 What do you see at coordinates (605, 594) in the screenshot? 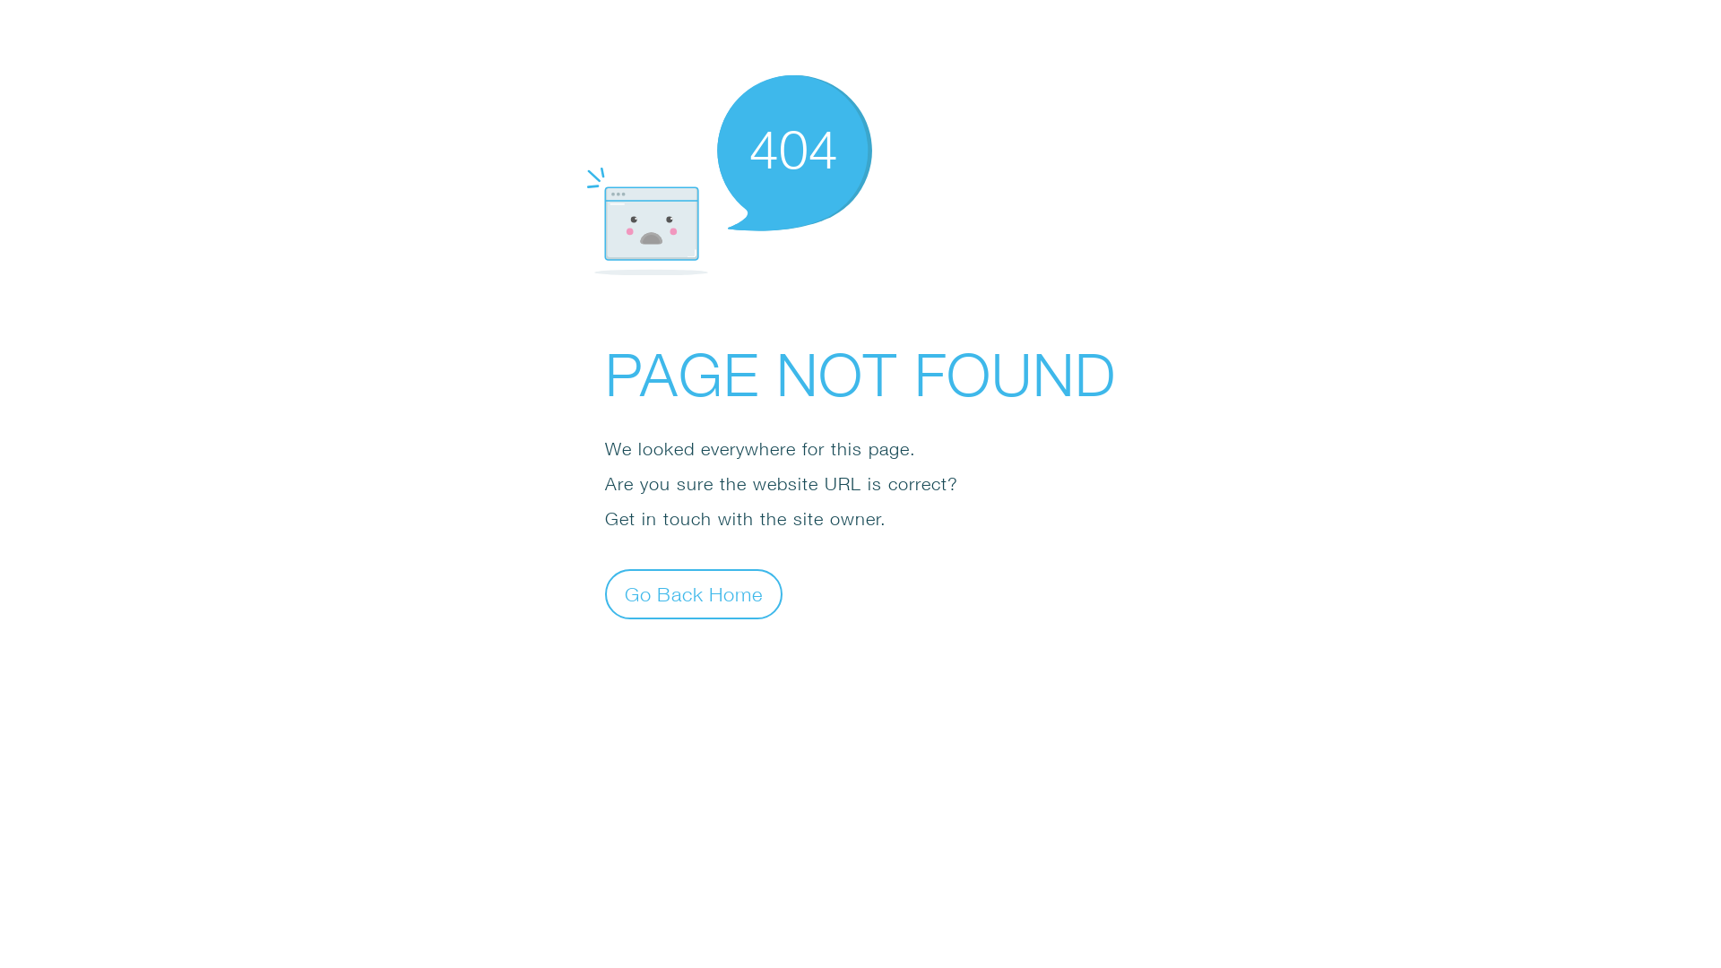
I see `'Go Back Home'` at bounding box center [605, 594].